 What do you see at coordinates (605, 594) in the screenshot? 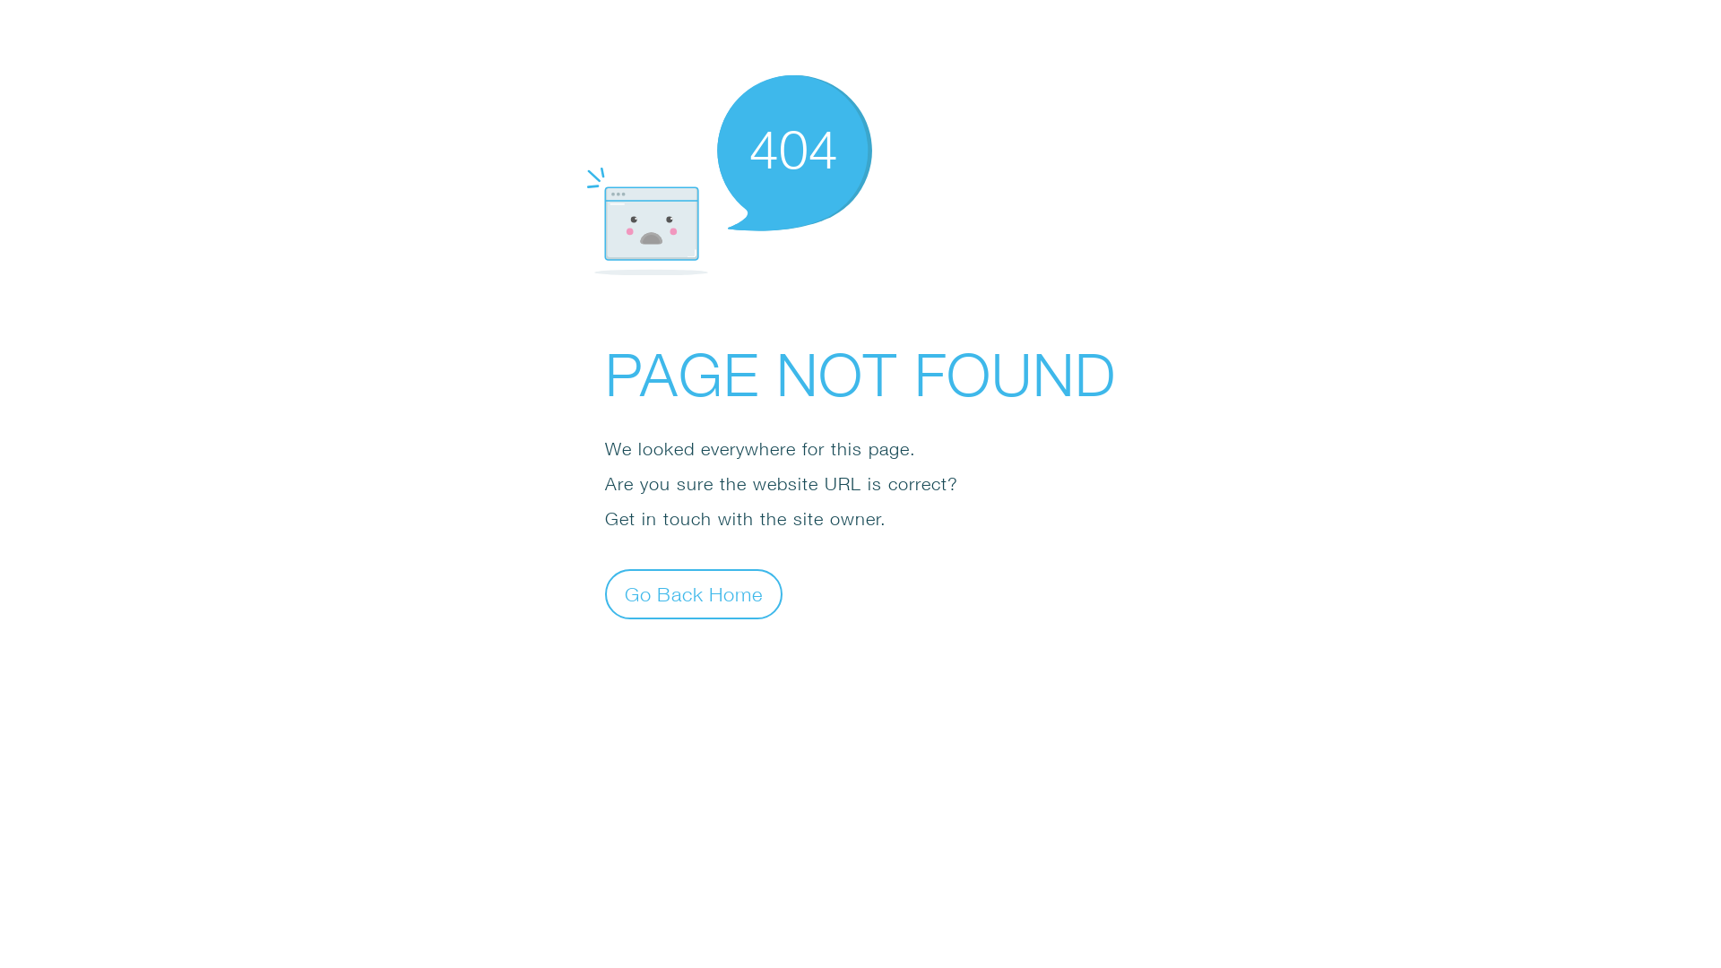
I see `'Go Back Home'` at bounding box center [605, 594].